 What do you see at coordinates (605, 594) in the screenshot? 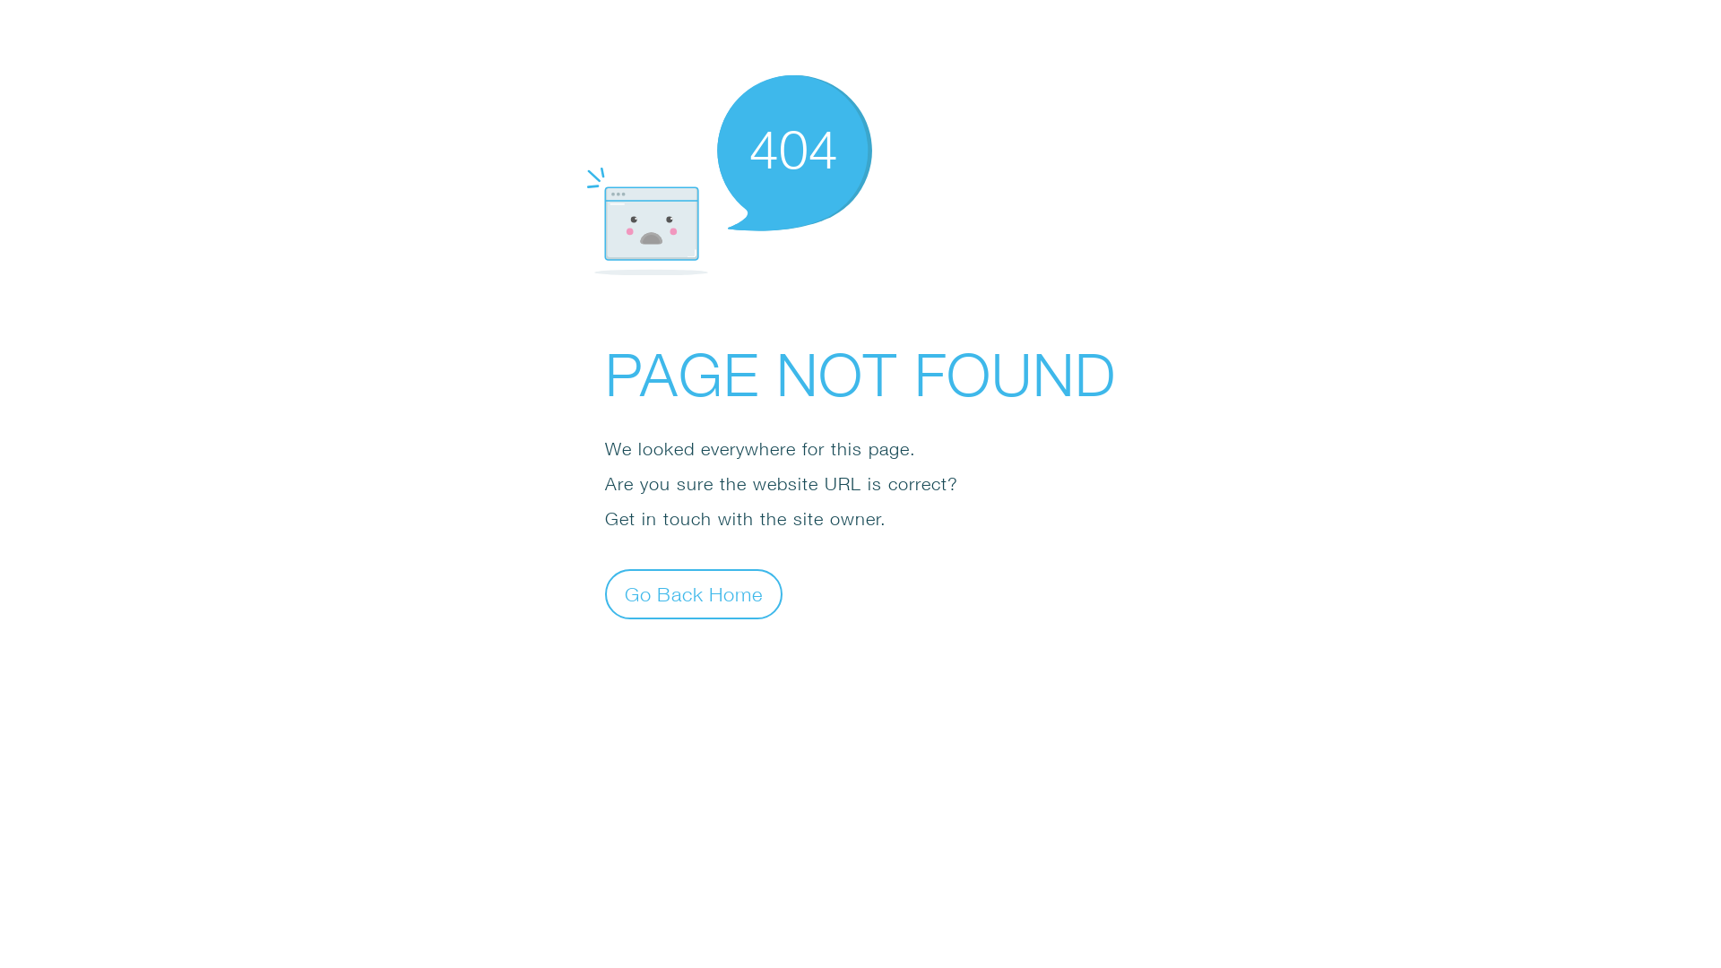
I see `'Go Back Home'` at bounding box center [605, 594].